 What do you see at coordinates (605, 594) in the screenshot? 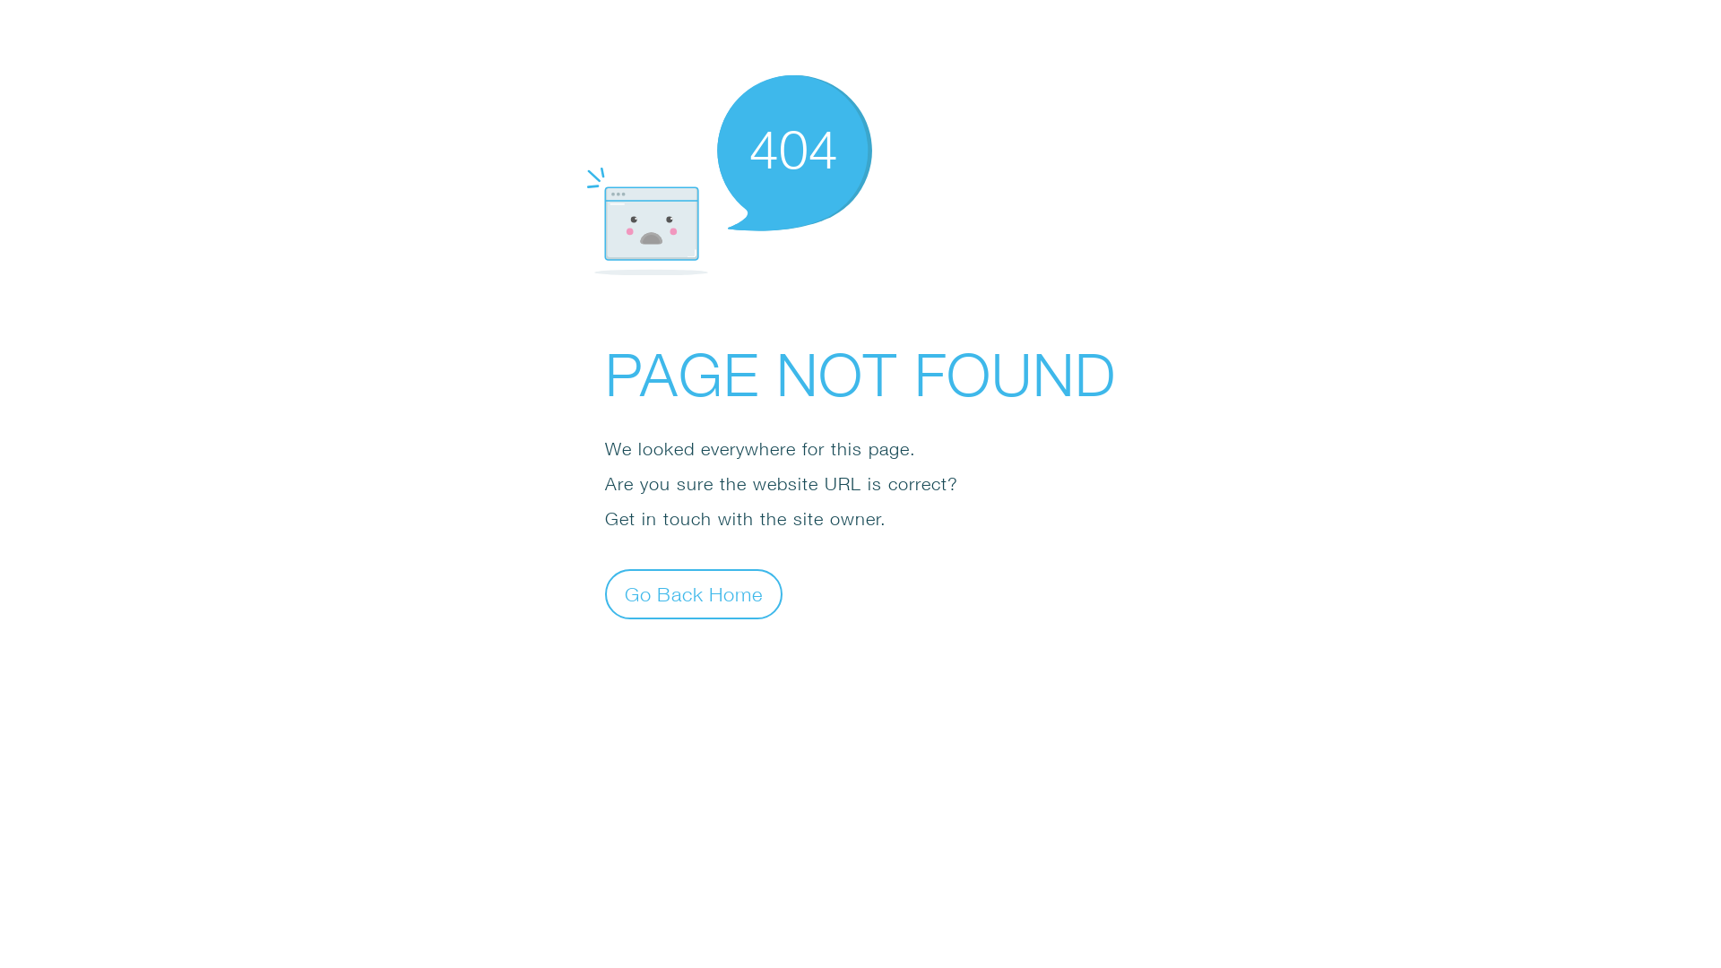
I see `'Go Back Home'` at bounding box center [605, 594].